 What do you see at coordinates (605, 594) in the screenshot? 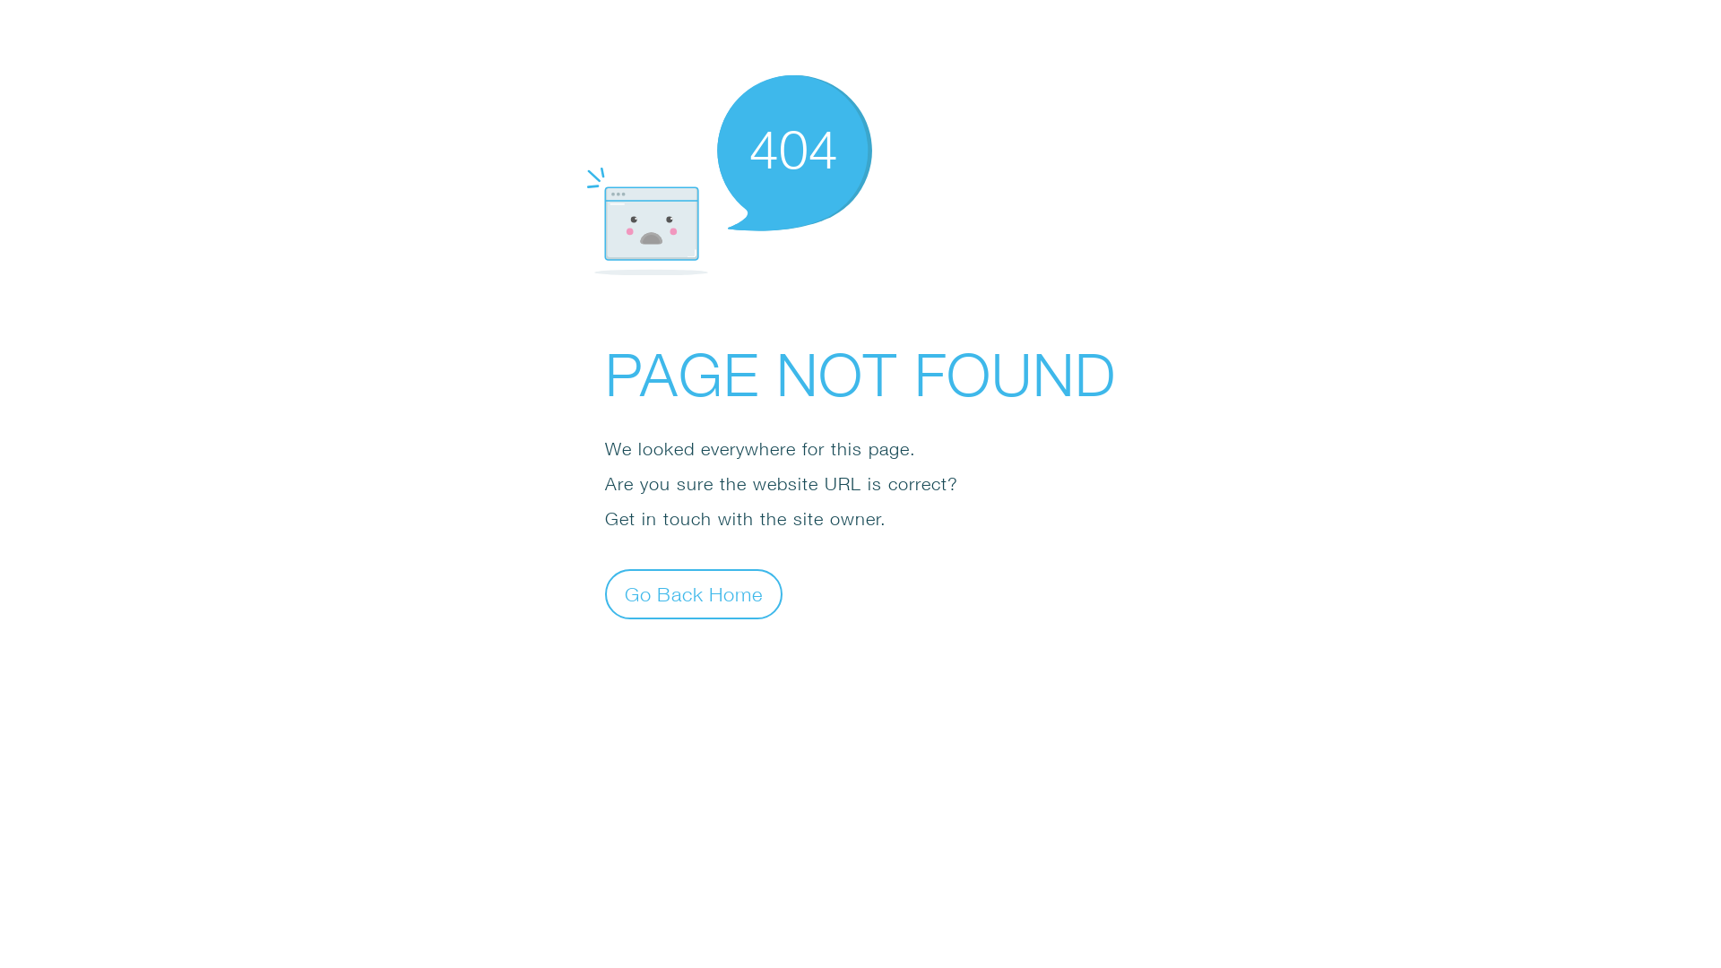
I see `'Go Back Home'` at bounding box center [605, 594].